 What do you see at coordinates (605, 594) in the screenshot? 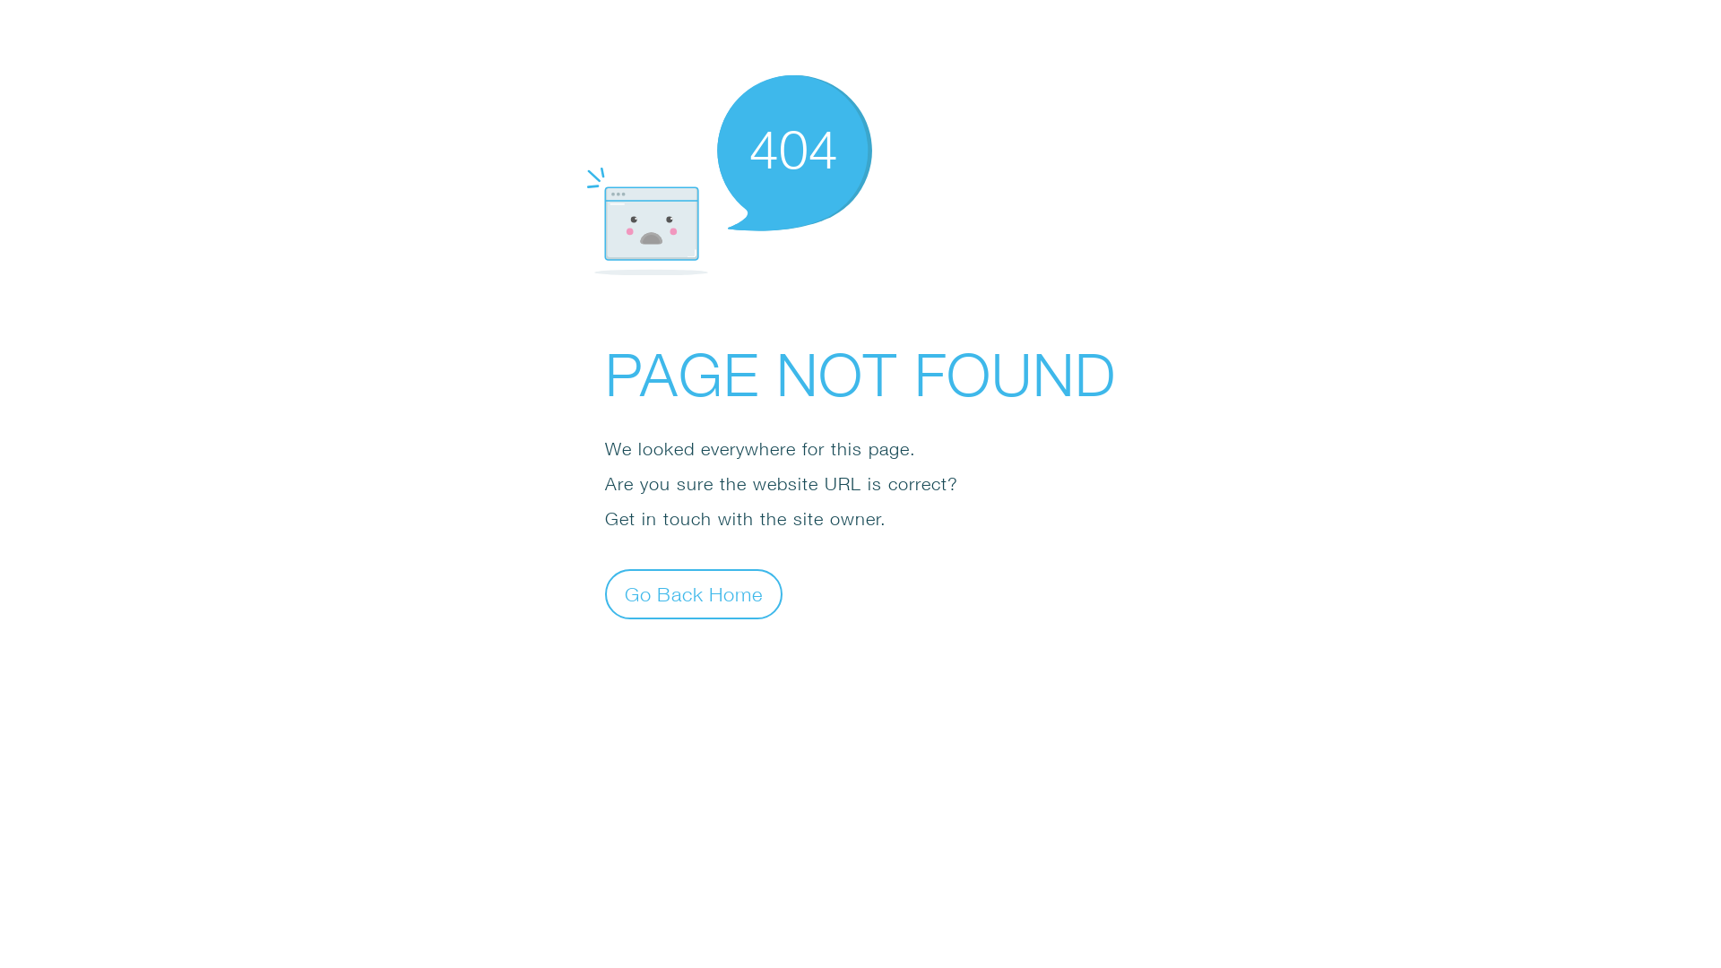
I see `'Go Back Home'` at bounding box center [605, 594].